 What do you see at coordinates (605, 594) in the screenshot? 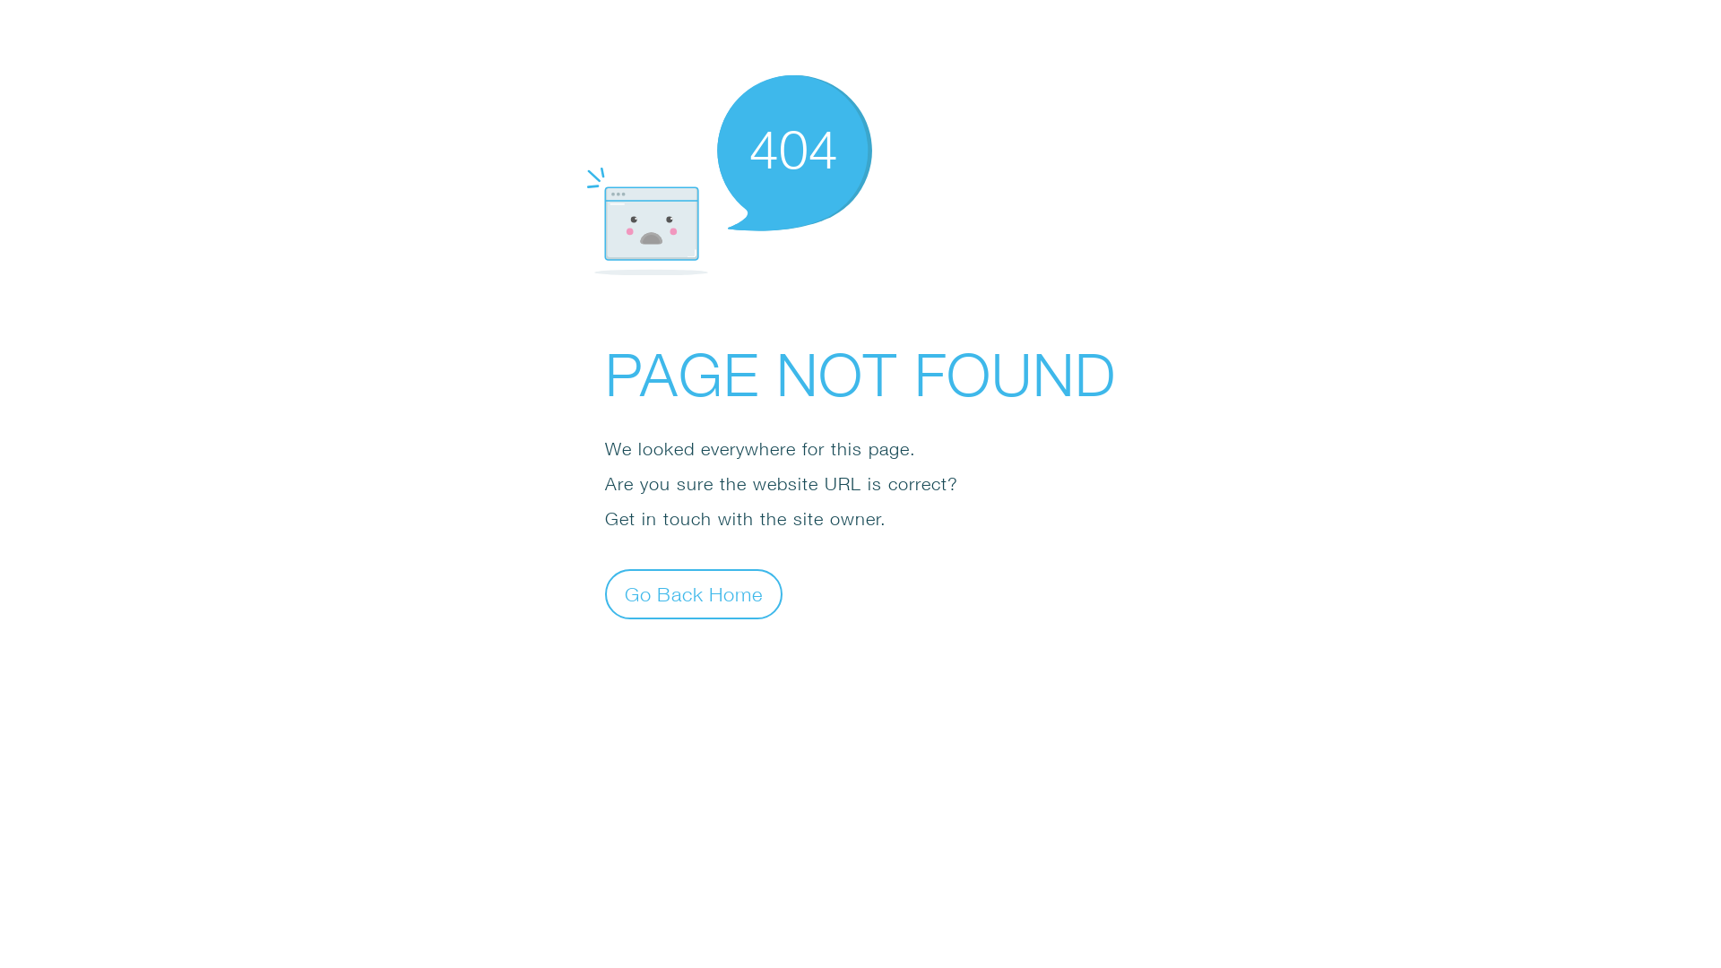
I see `'Go Back Home'` at bounding box center [605, 594].